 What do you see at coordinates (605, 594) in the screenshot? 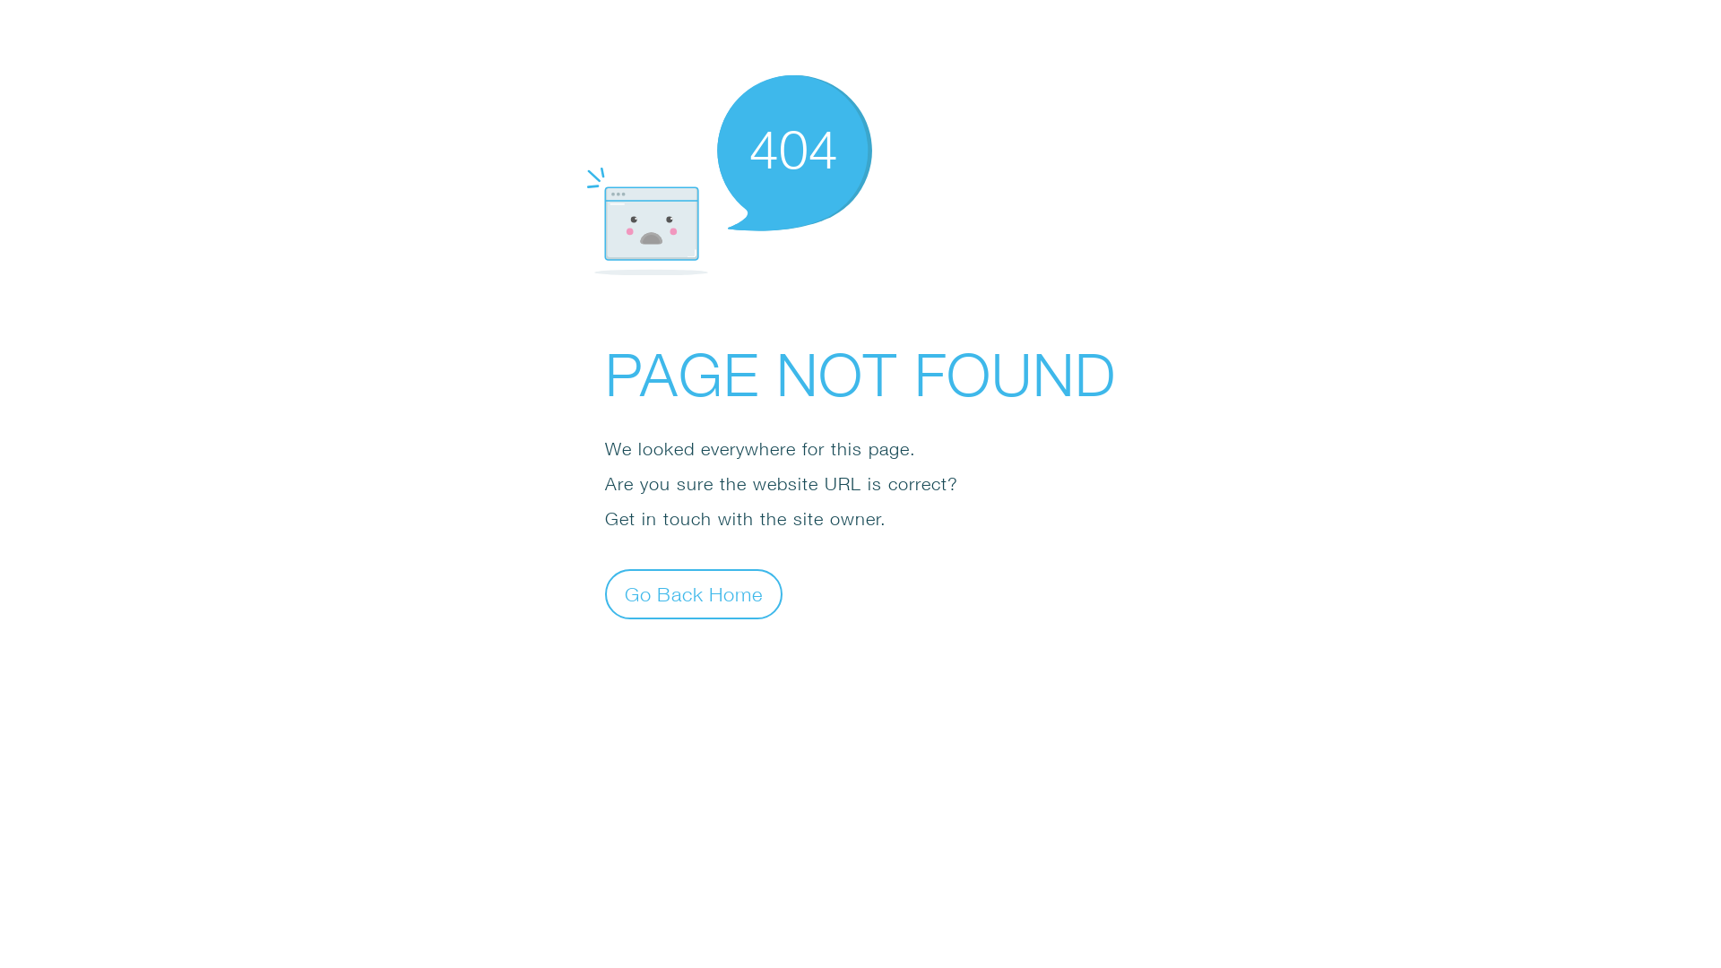
I see `'Go Back Home'` at bounding box center [605, 594].